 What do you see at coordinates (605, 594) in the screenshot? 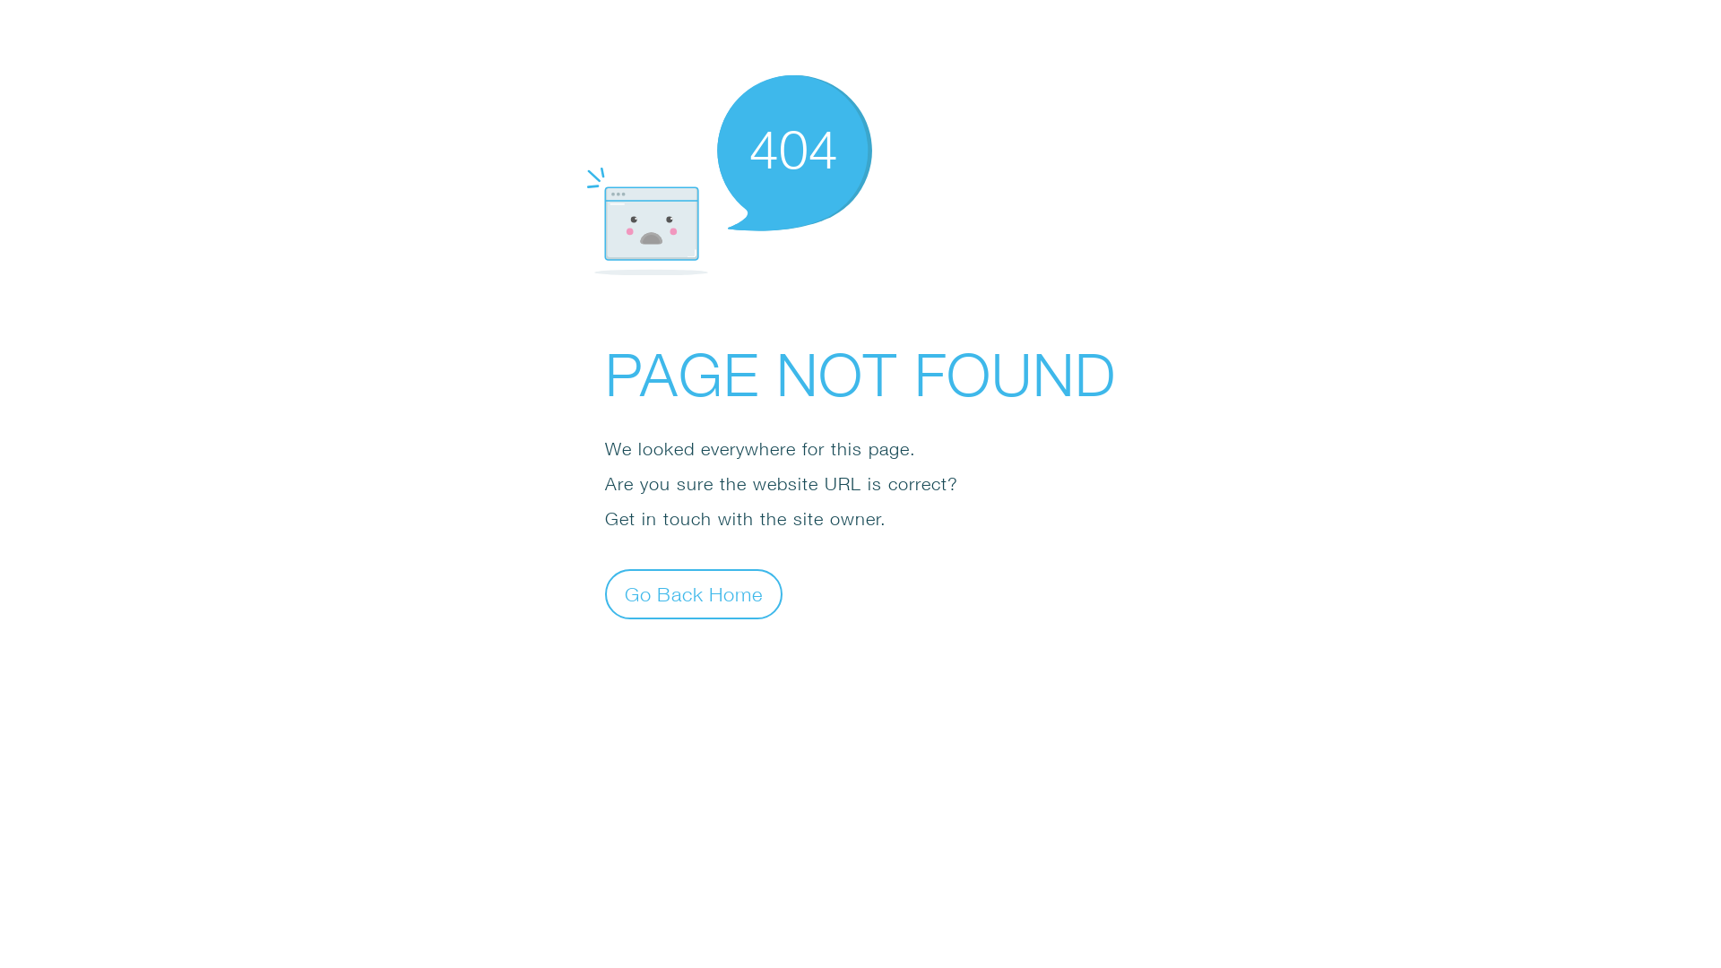
I see `'Go Back Home'` at bounding box center [605, 594].